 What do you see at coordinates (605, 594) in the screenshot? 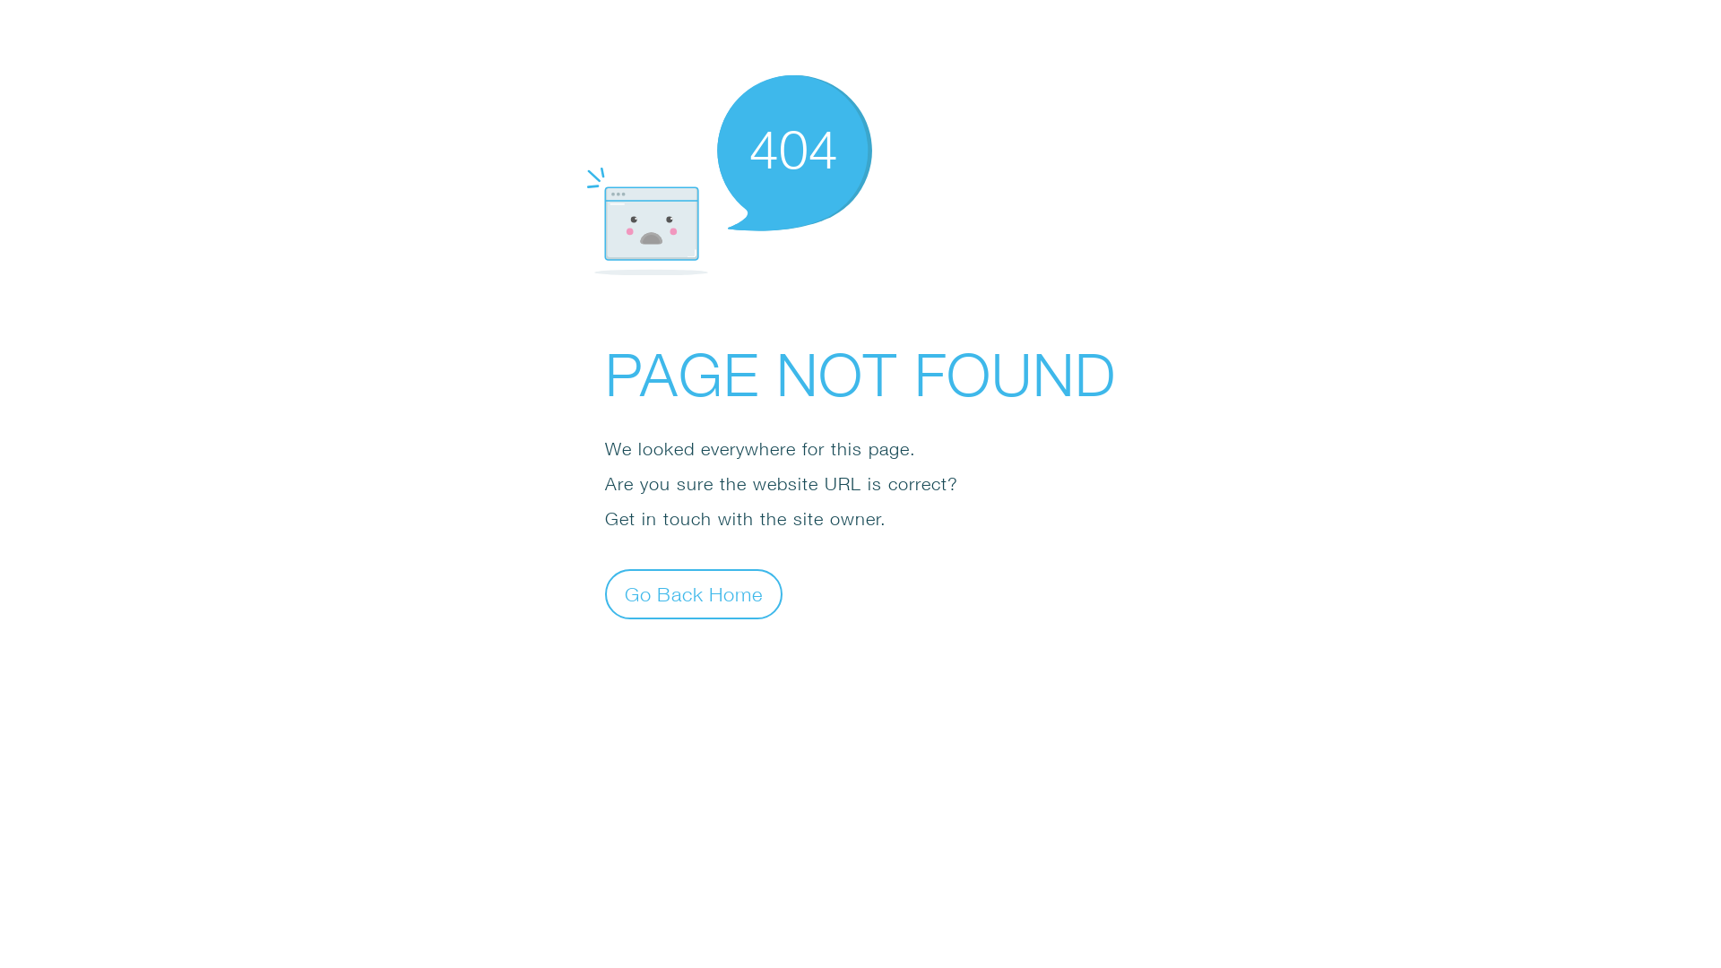
I see `'Go Back Home'` at bounding box center [605, 594].